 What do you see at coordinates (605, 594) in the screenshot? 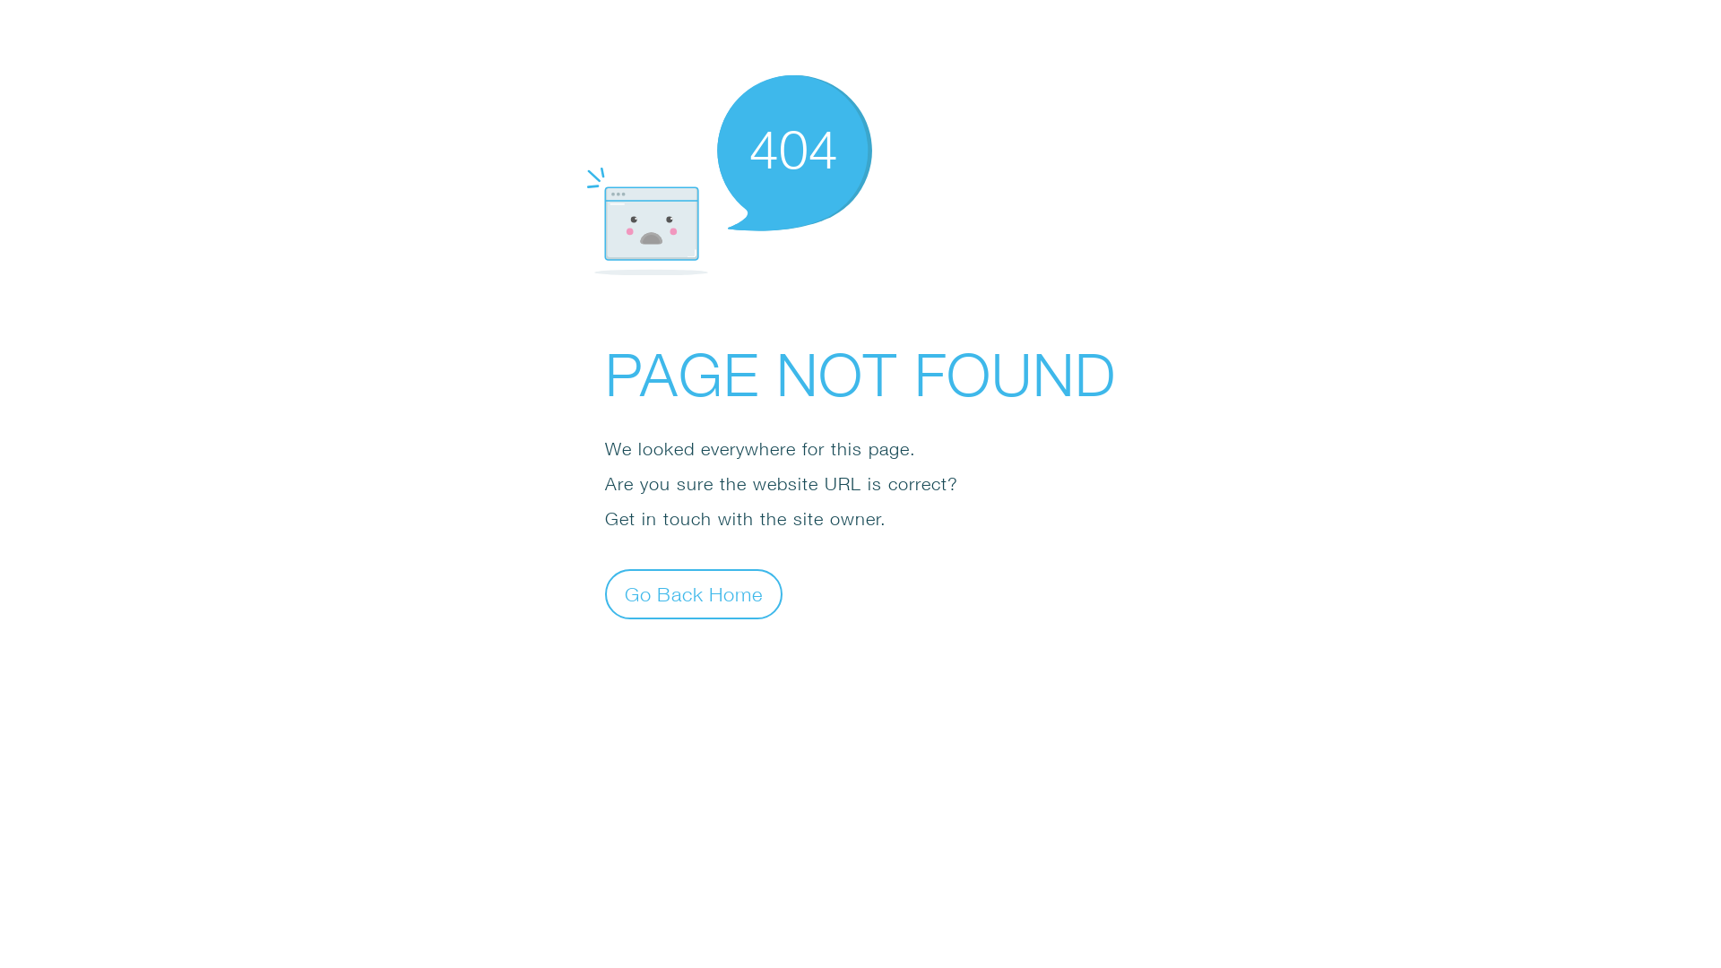
I see `'Go Back Home'` at bounding box center [605, 594].